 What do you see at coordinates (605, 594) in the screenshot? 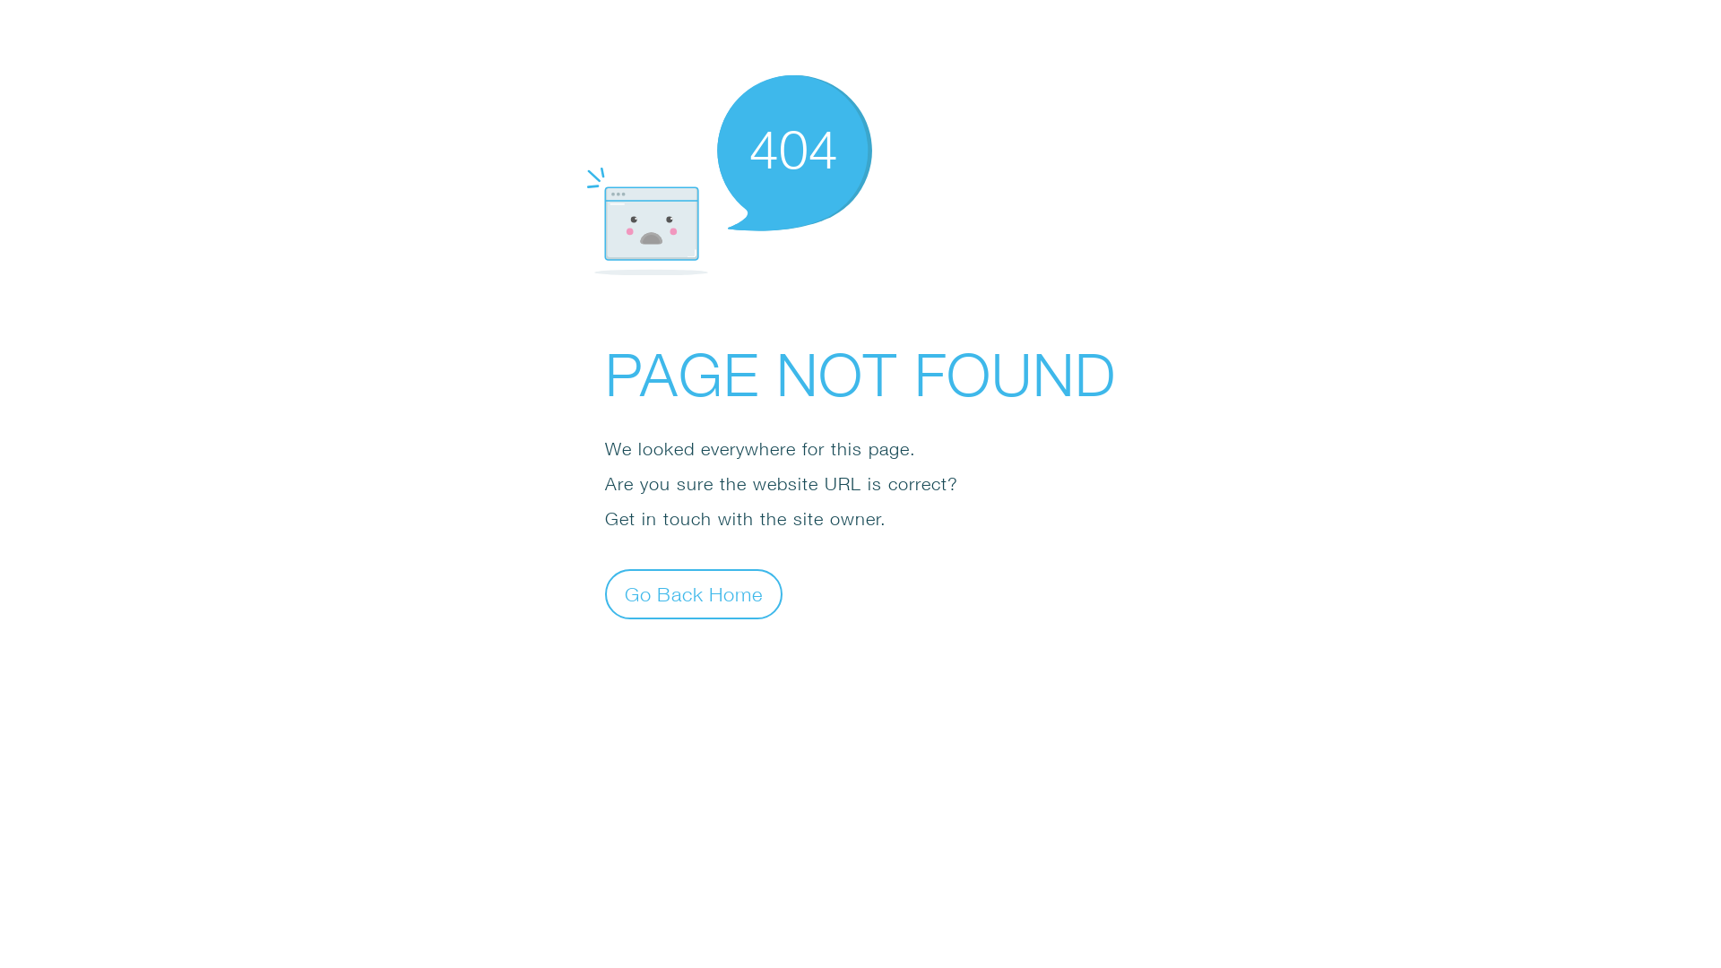
I see `'Go Back Home'` at bounding box center [605, 594].